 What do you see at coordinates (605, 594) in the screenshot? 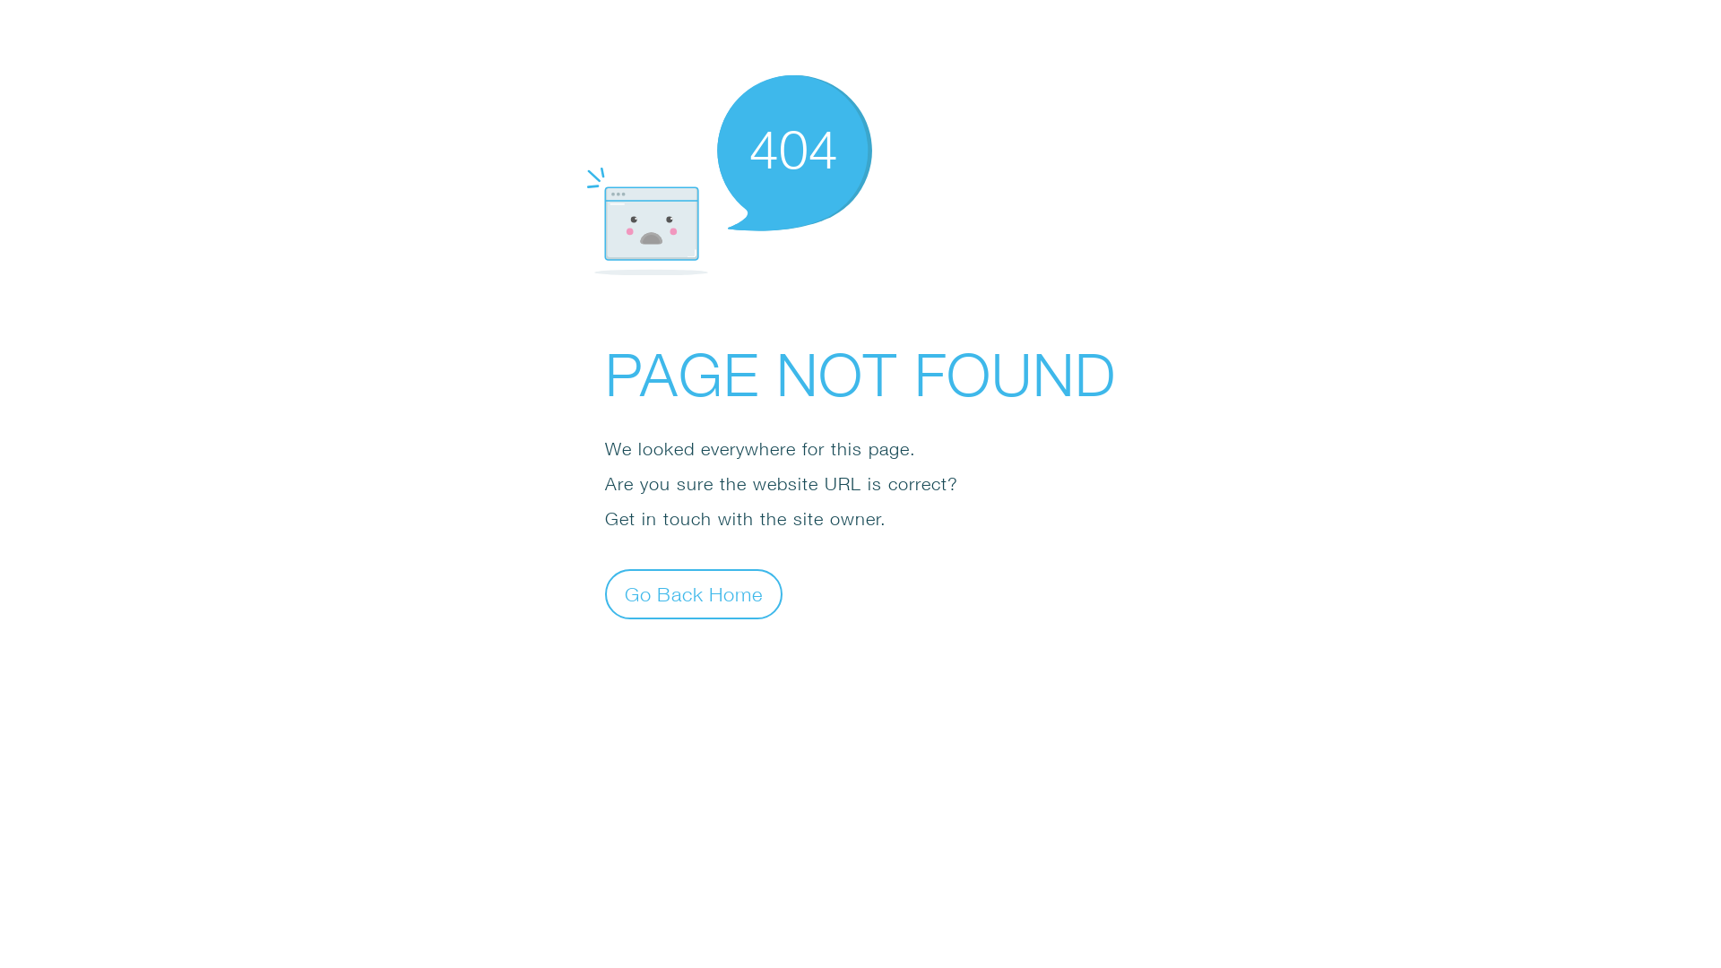
I see `'Go Back Home'` at bounding box center [605, 594].